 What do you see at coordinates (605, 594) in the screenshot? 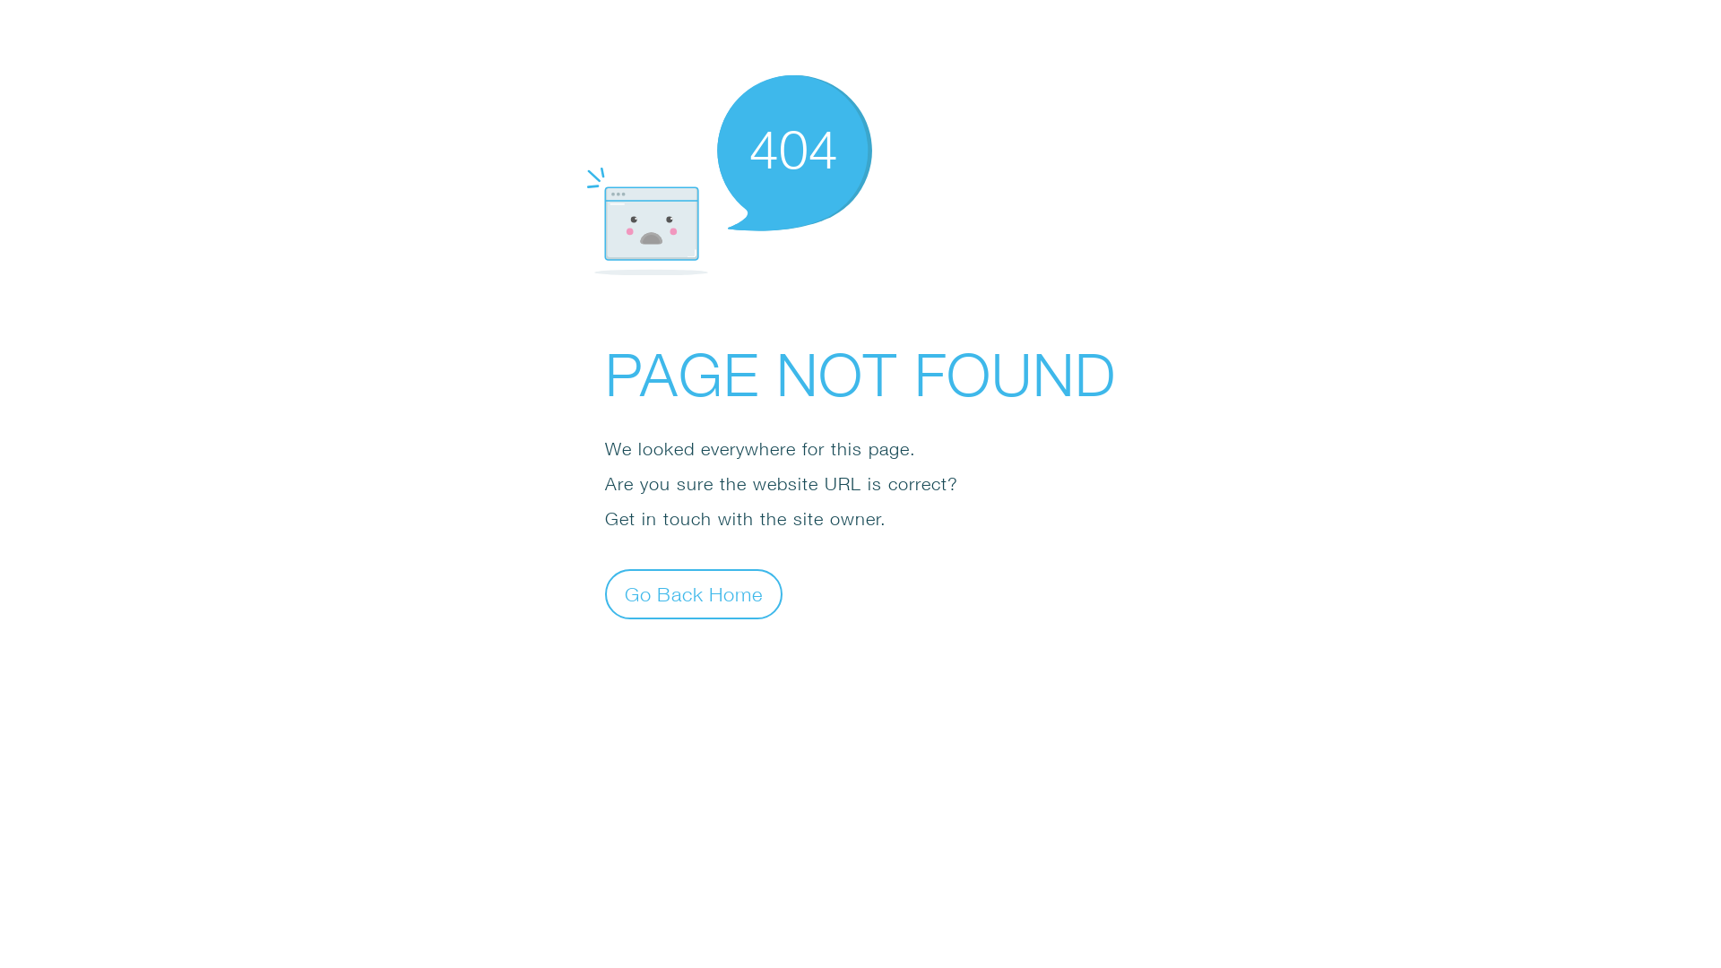
I see `'Go Back Home'` at bounding box center [605, 594].